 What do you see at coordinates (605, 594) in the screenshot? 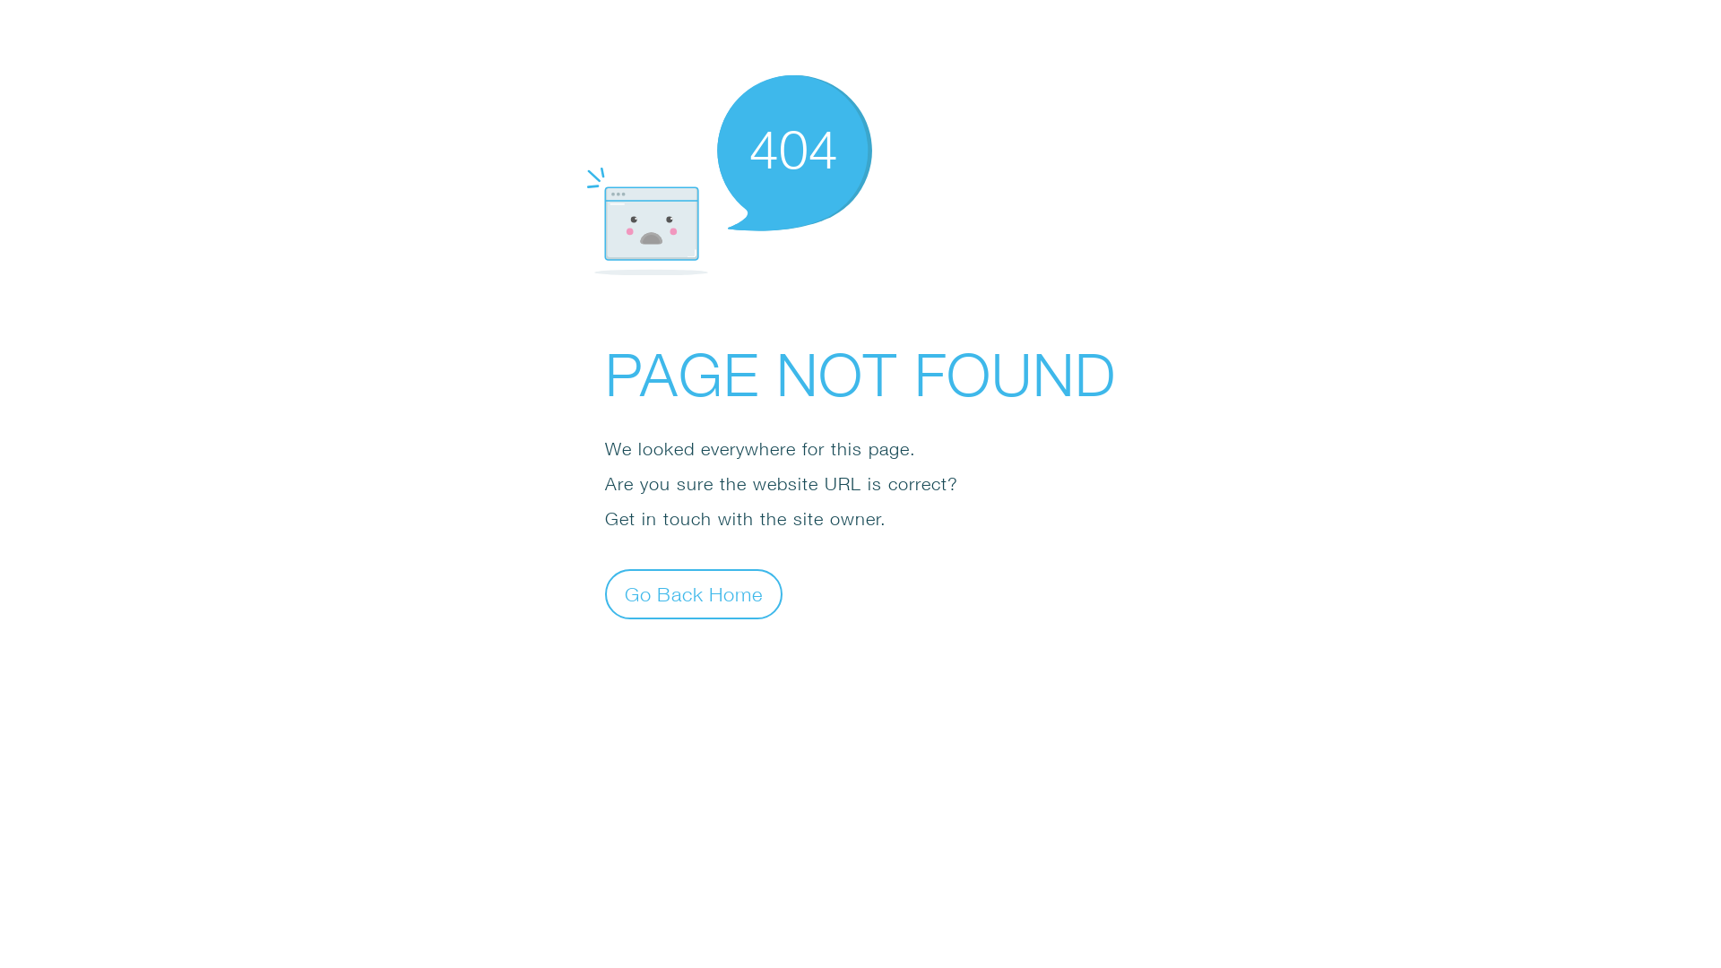
I see `'Go Back Home'` at bounding box center [605, 594].